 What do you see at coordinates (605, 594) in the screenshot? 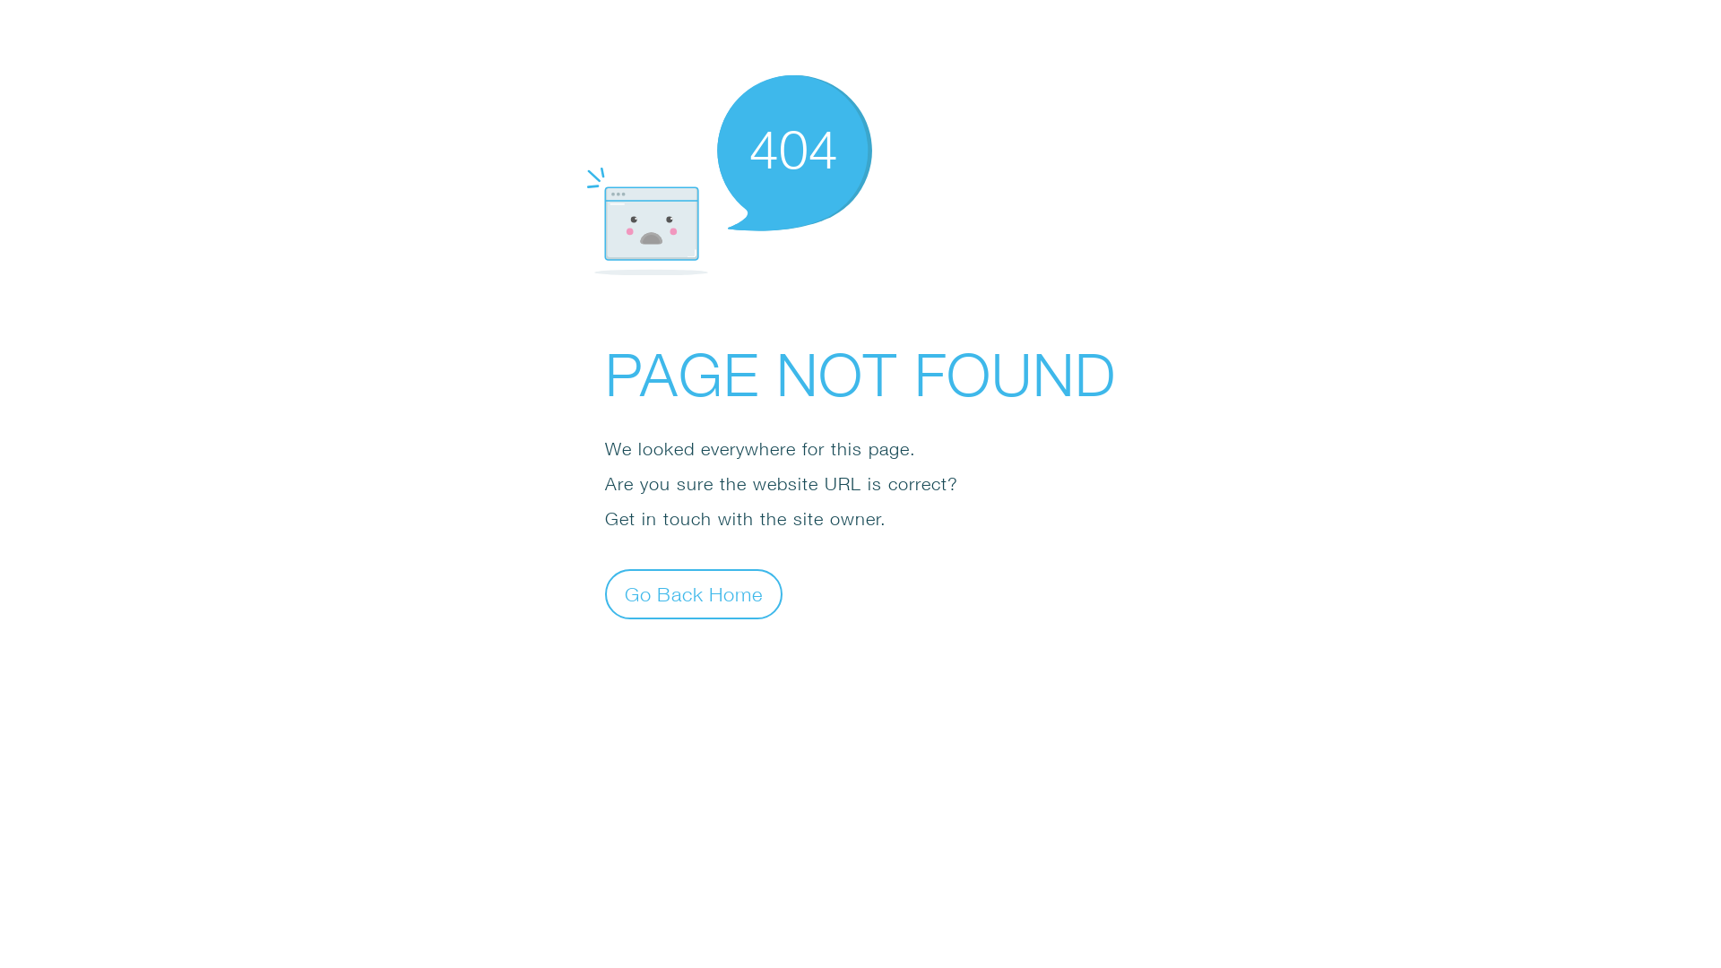
I see `'Go Back Home'` at bounding box center [605, 594].